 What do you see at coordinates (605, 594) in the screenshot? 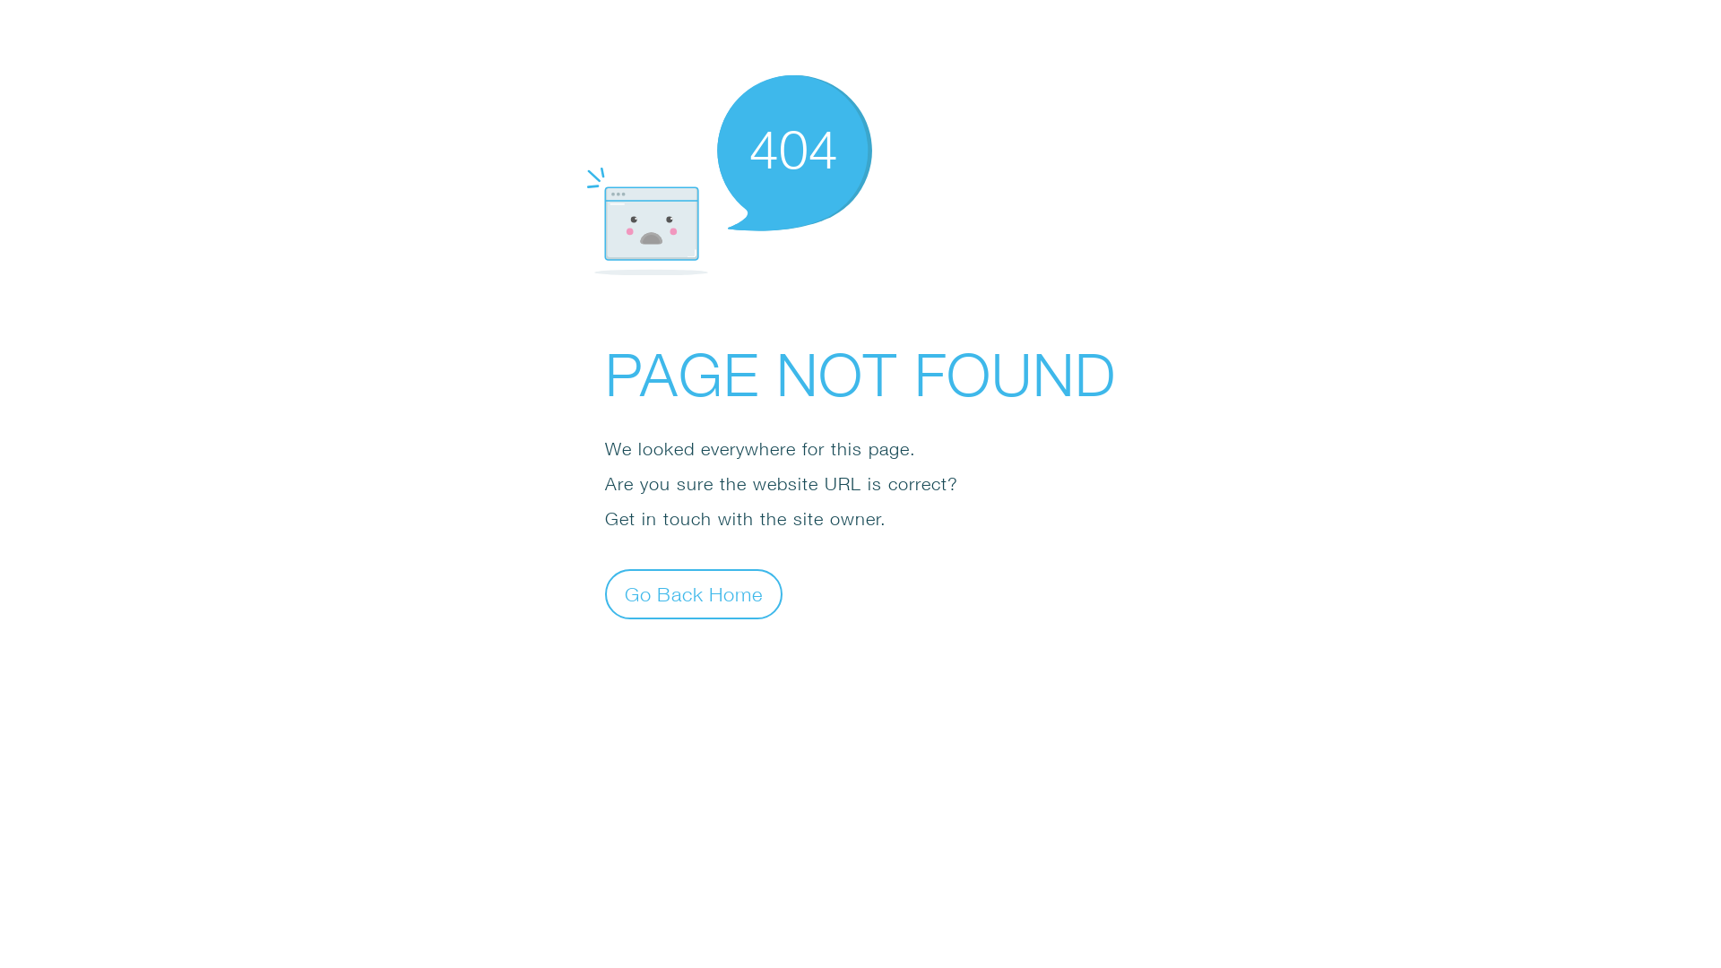
I see `'Go Back Home'` at bounding box center [605, 594].